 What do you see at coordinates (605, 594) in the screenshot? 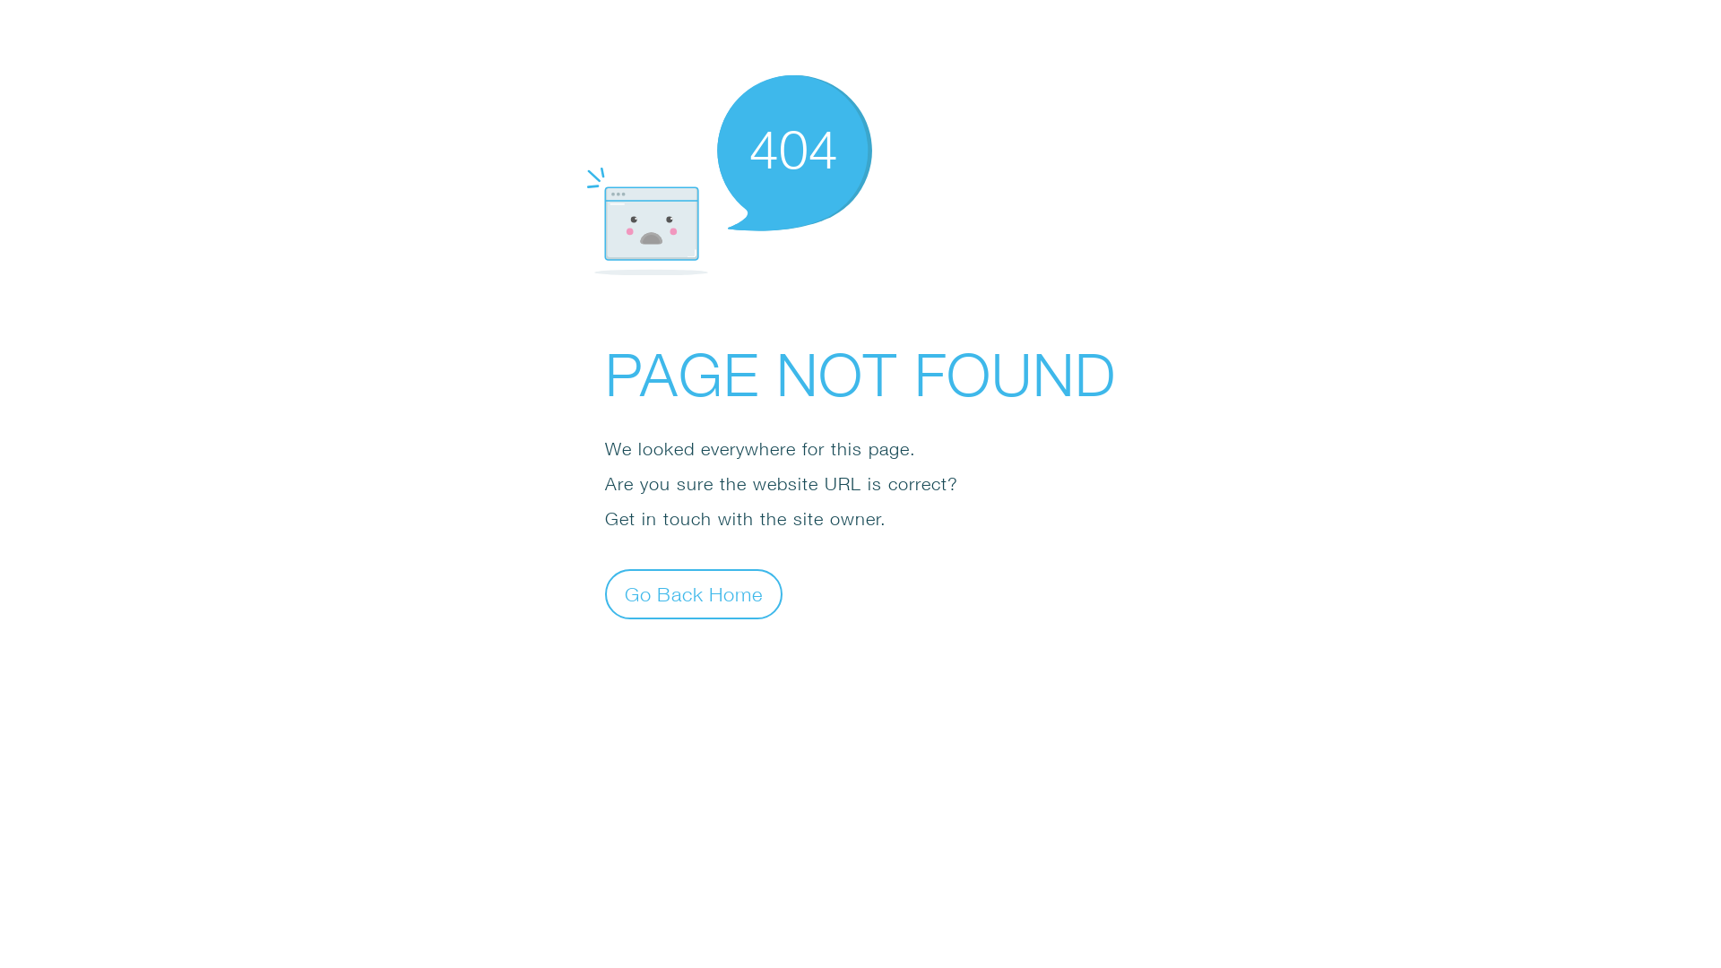
I see `'Go Back Home'` at bounding box center [605, 594].